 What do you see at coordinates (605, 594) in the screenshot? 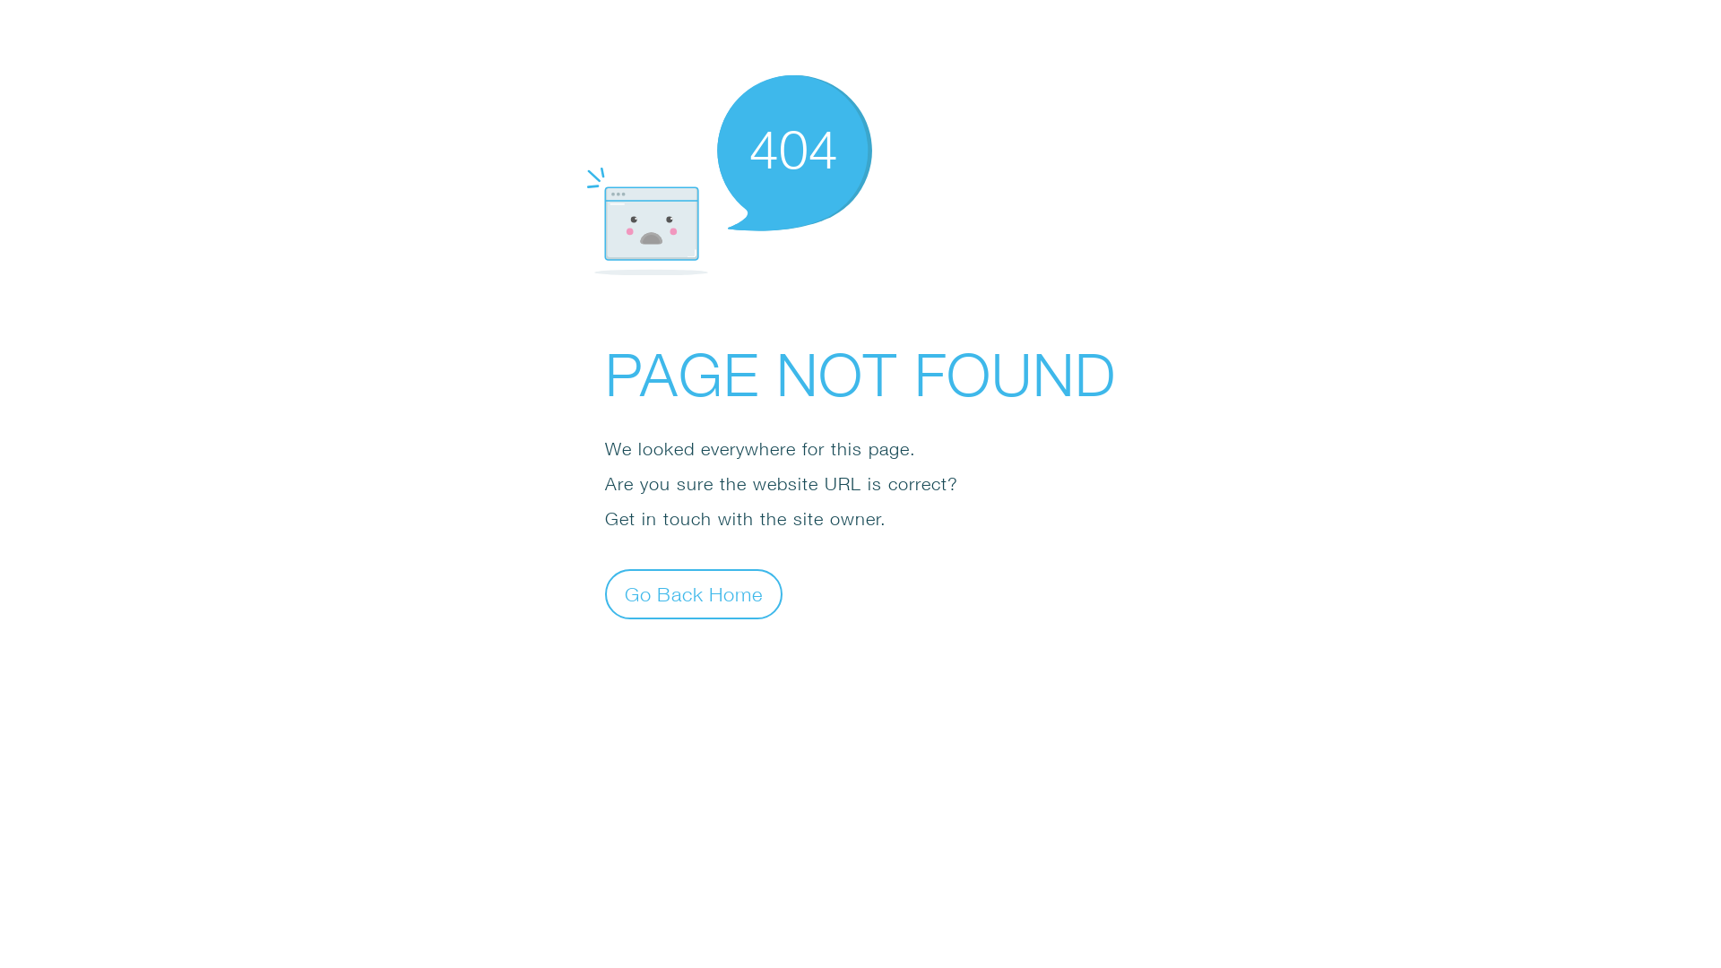
I see `'Go Back Home'` at bounding box center [605, 594].